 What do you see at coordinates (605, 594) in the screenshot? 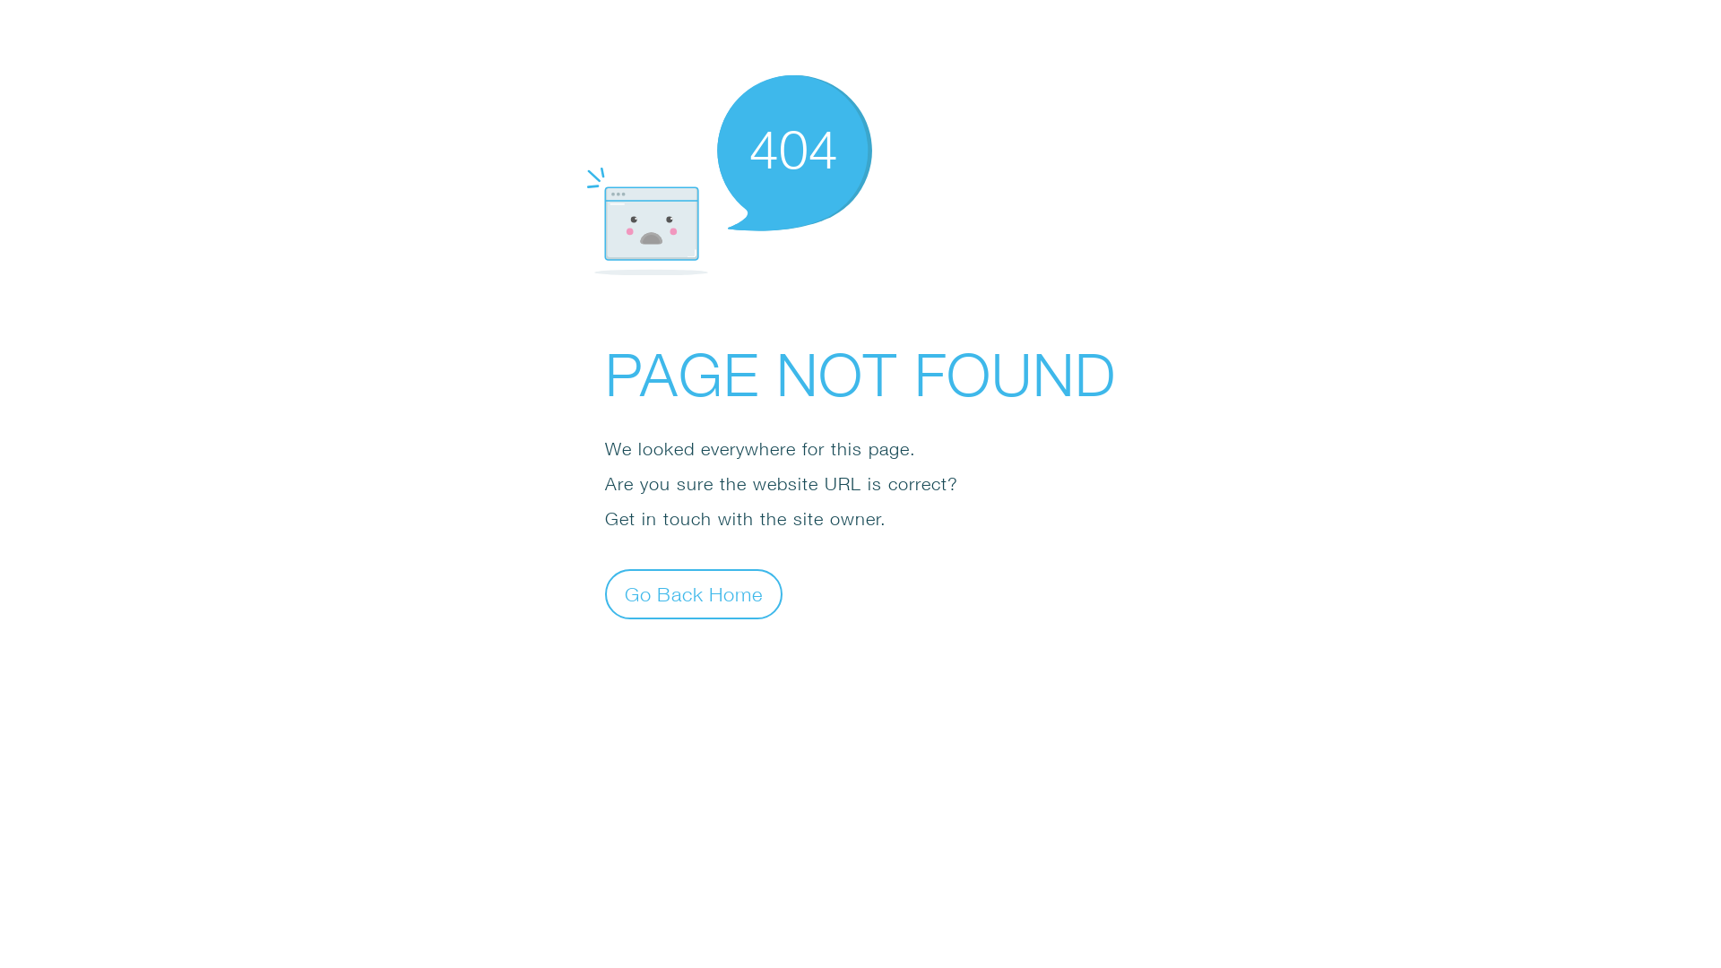
I see `'Go Back Home'` at bounding box center [605, 594].